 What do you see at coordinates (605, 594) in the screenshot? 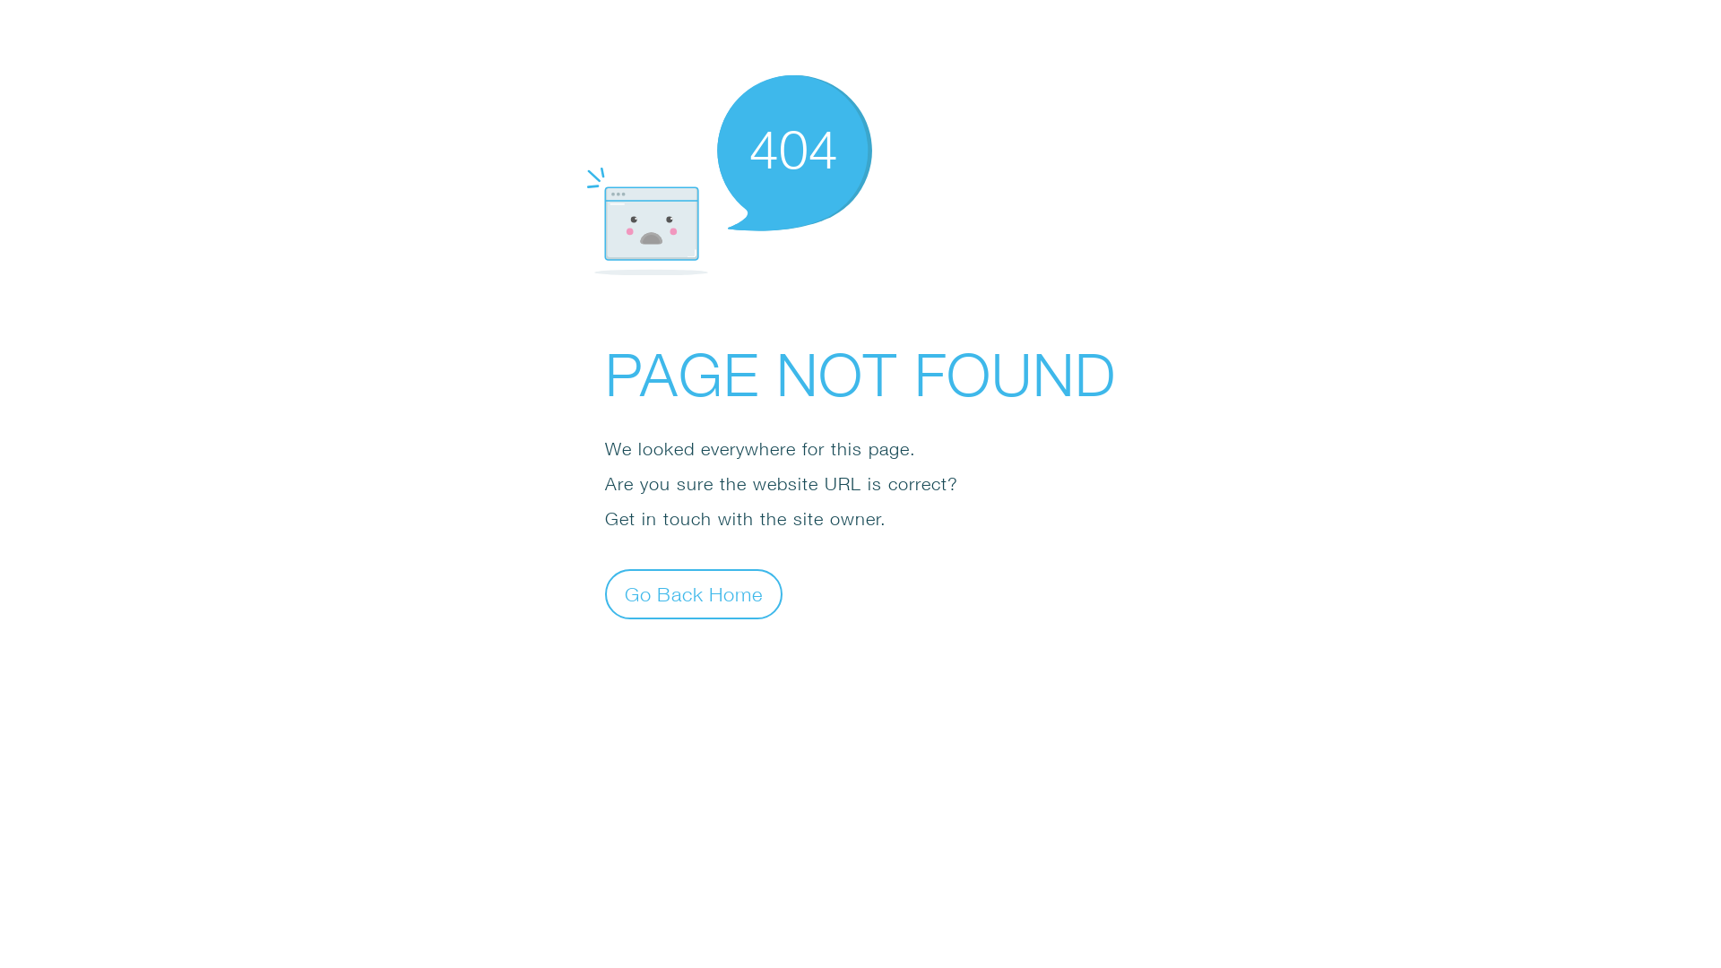
I see `'Go Back Home'` at bounding box center [605, 594].